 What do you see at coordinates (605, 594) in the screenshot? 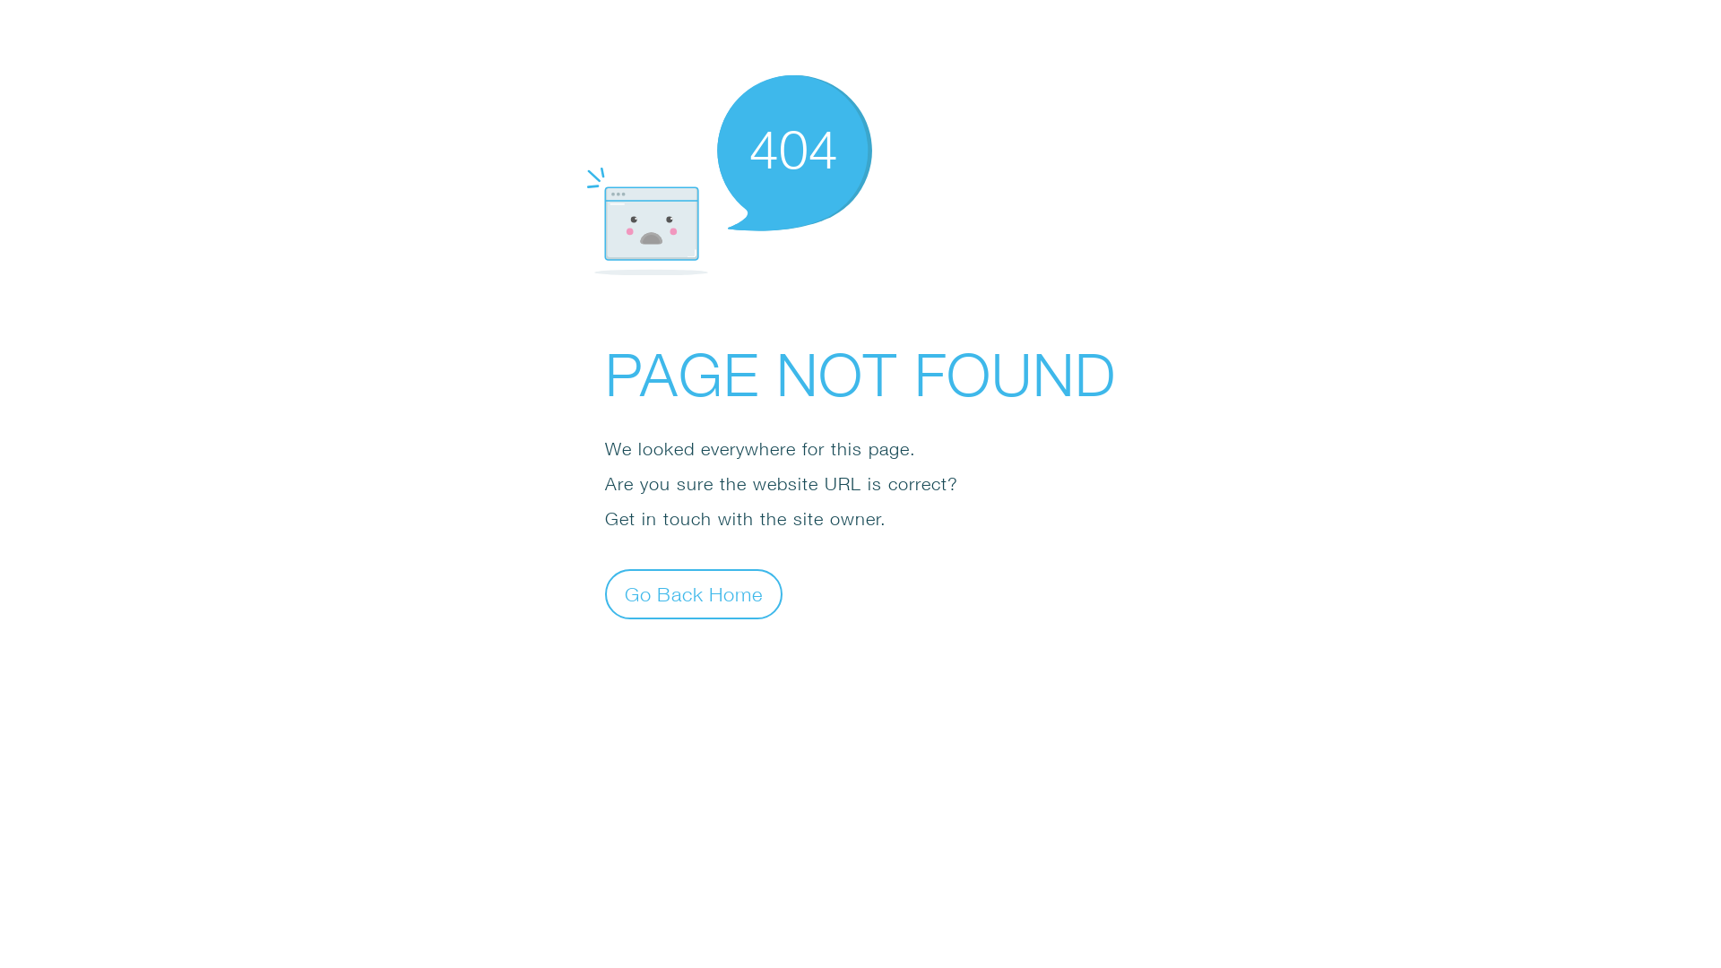
I see `'Go Back Home'` at bounding box center [605, 594].